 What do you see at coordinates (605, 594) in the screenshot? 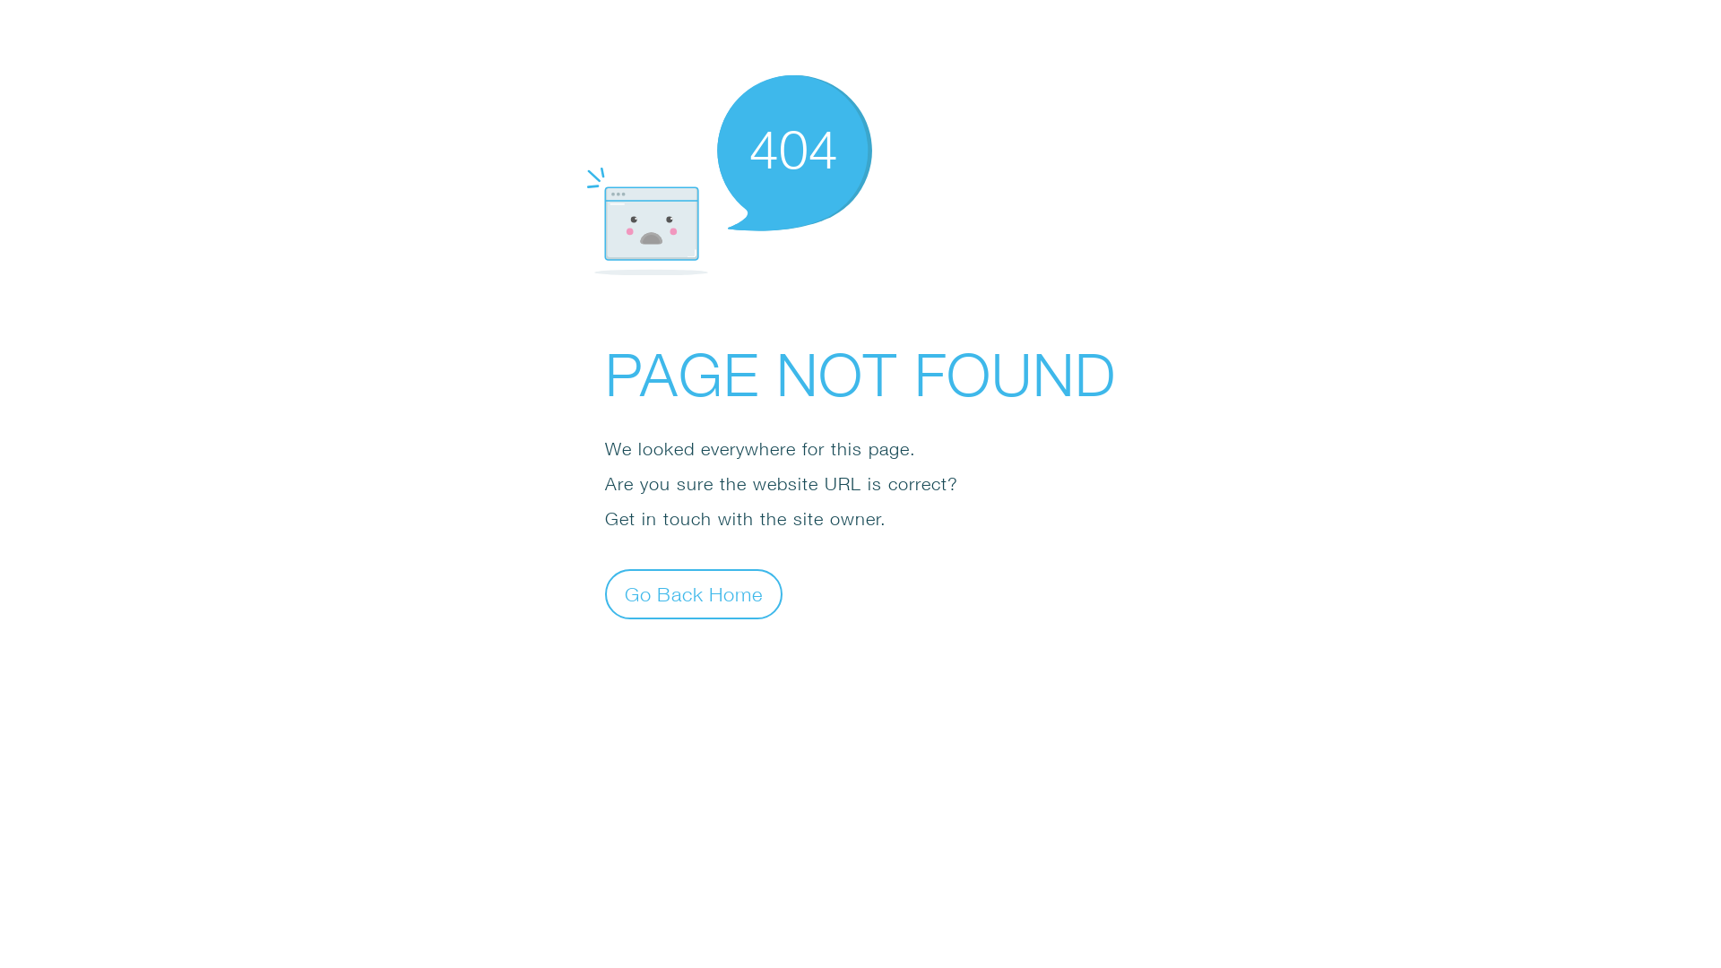
I see `'Go Back Home'` at bounding box center [605, 594].